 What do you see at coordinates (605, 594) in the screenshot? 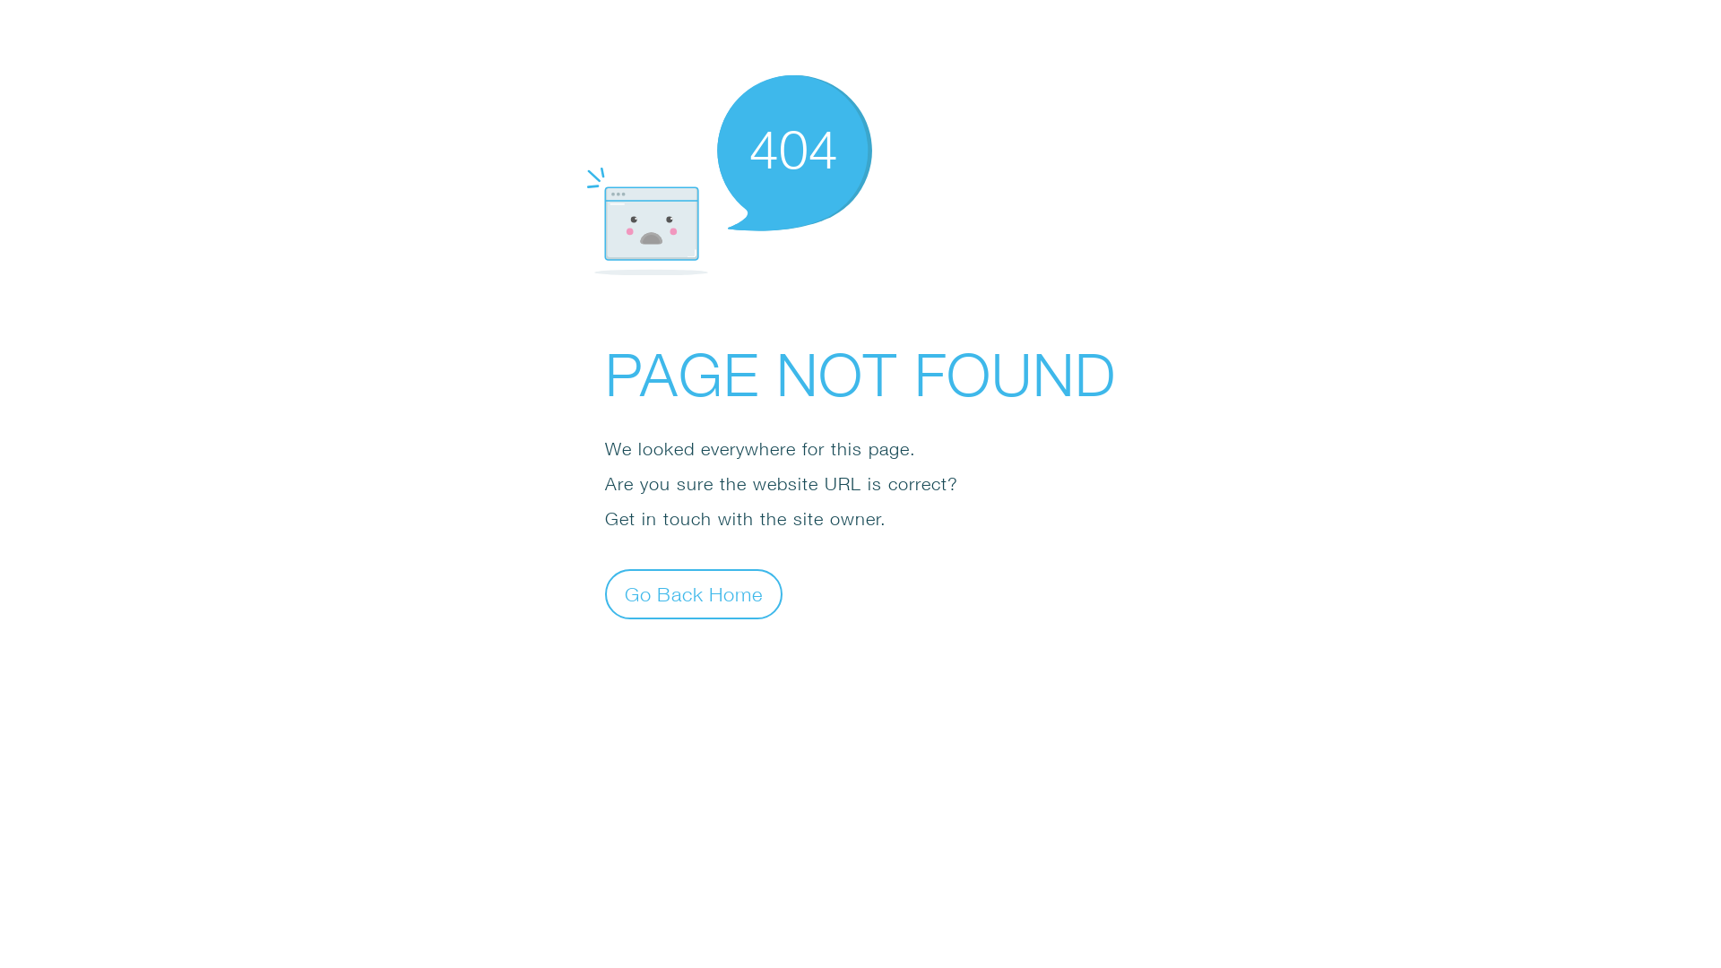
I see `'Go Back Home'` at bounding box center [605, 594].